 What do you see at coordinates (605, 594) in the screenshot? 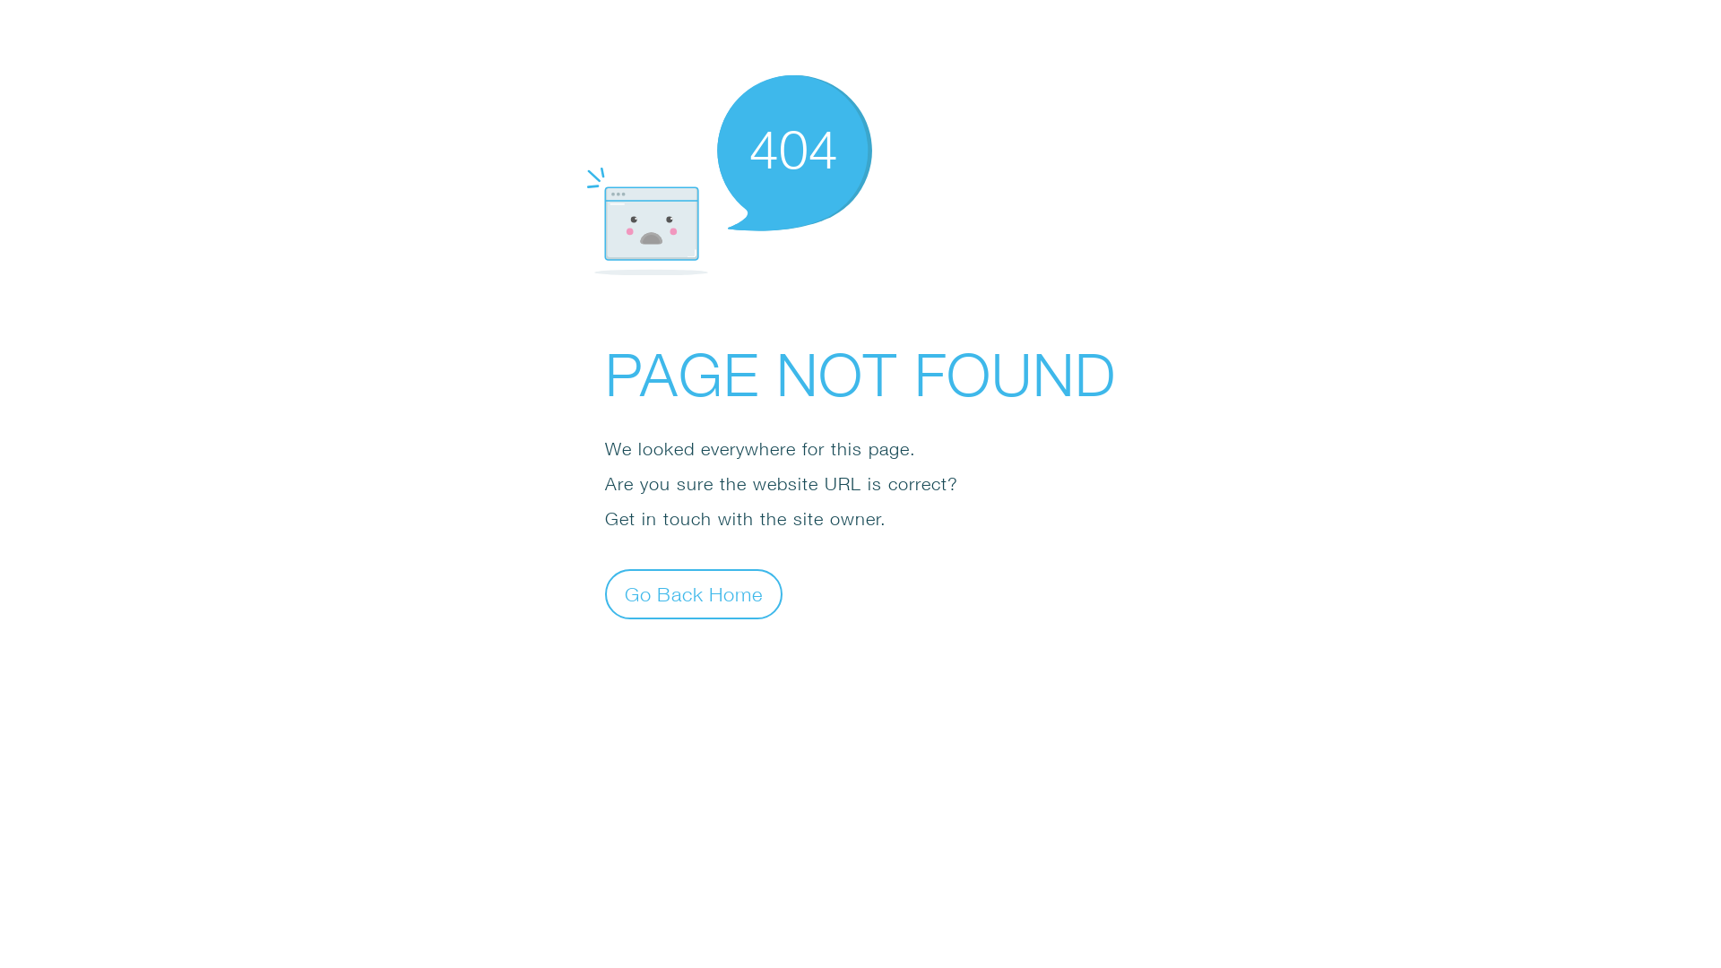
I see `'Go Back Home'` at bounding box center [605, 594].